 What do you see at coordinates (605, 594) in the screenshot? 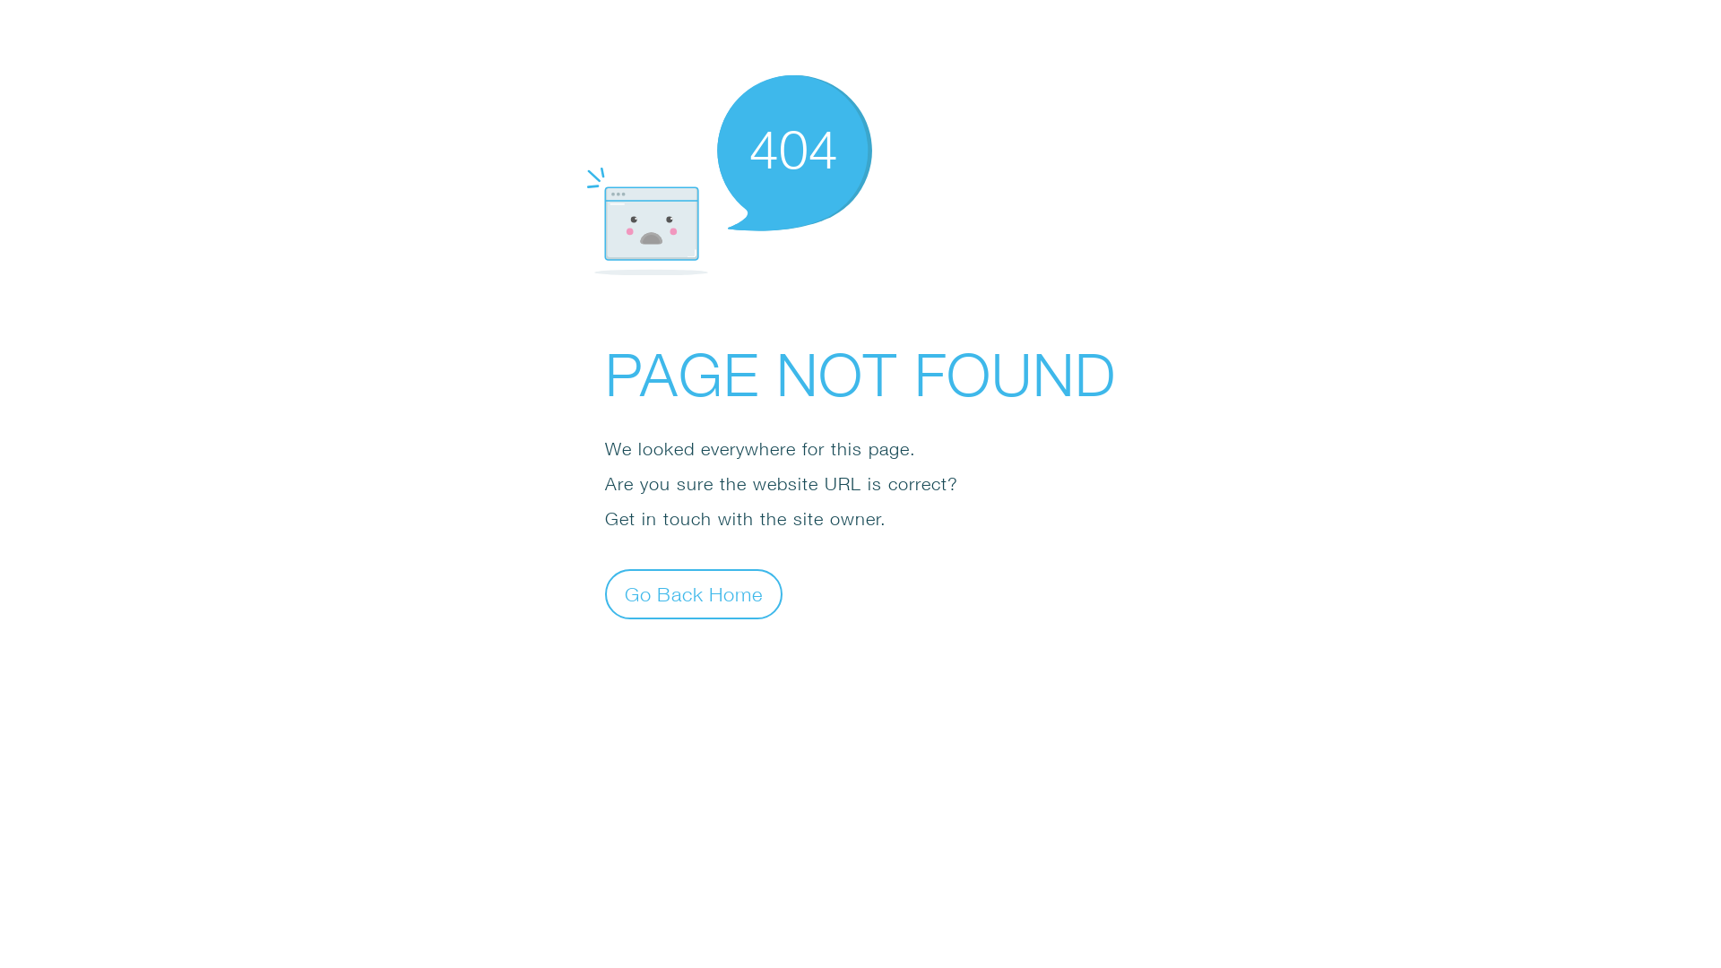
I see `'Go Back Home'` at bounding box center [605, 594].